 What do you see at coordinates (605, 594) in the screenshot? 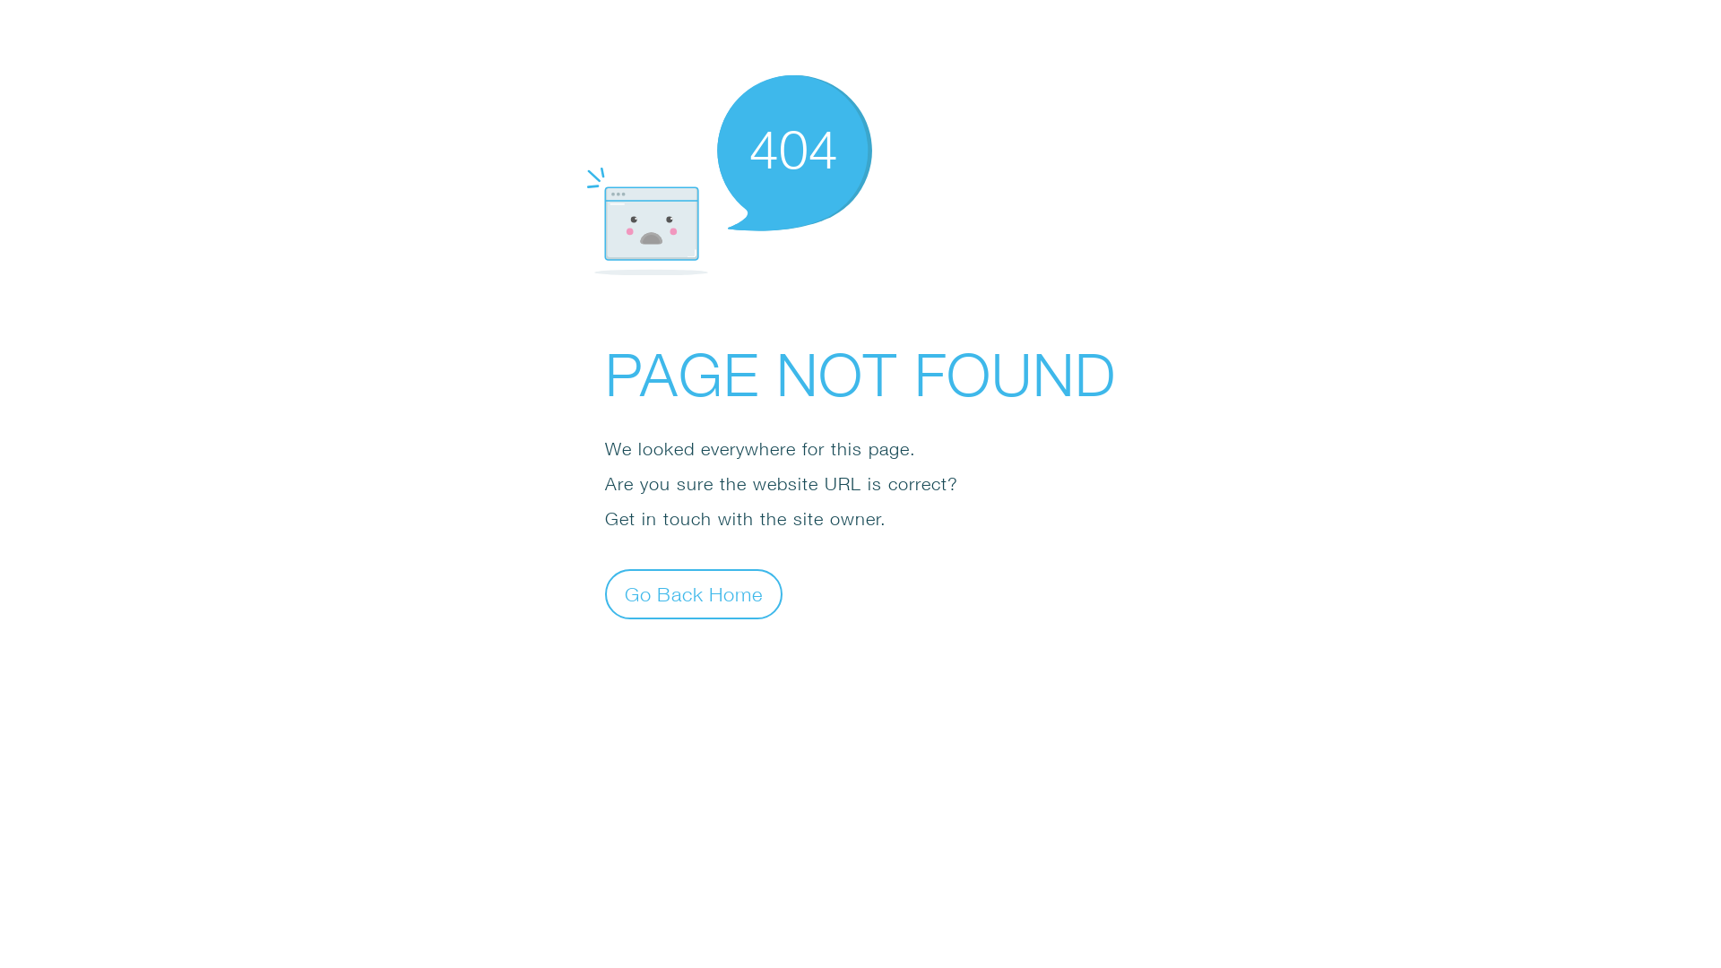
I see `'Go Back Home'` at bounding box center [605, 594].